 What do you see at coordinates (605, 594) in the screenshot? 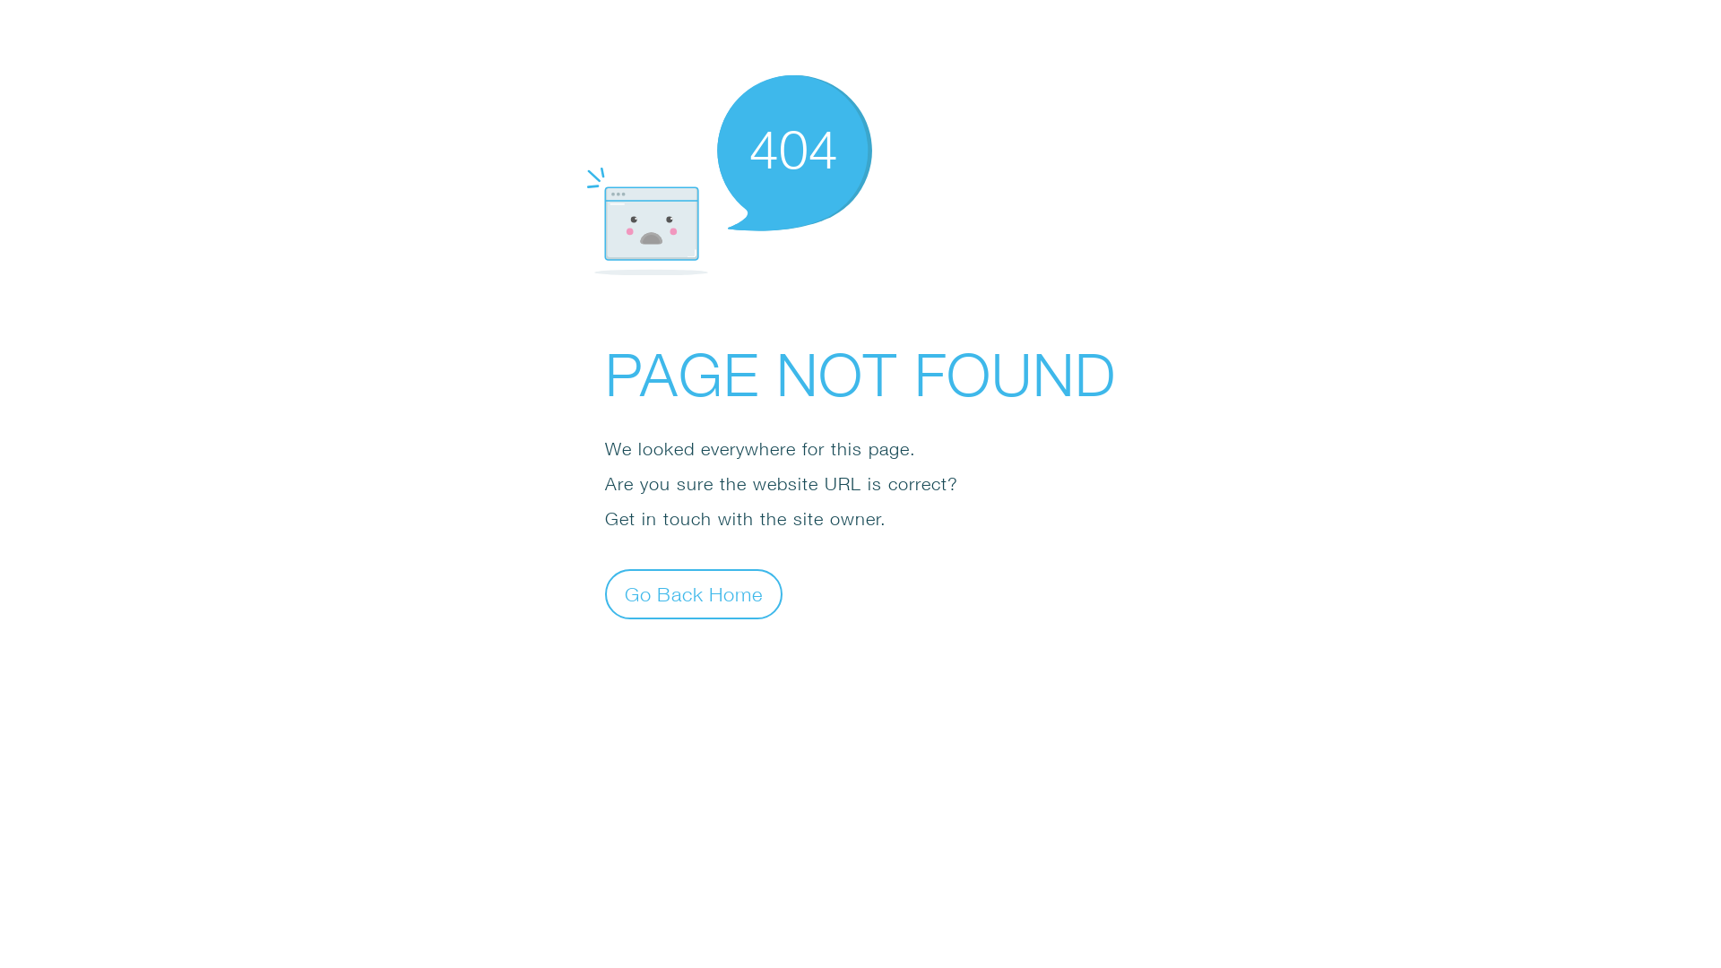
I see `'Go Back Home'` at bounding box center [605, 594].